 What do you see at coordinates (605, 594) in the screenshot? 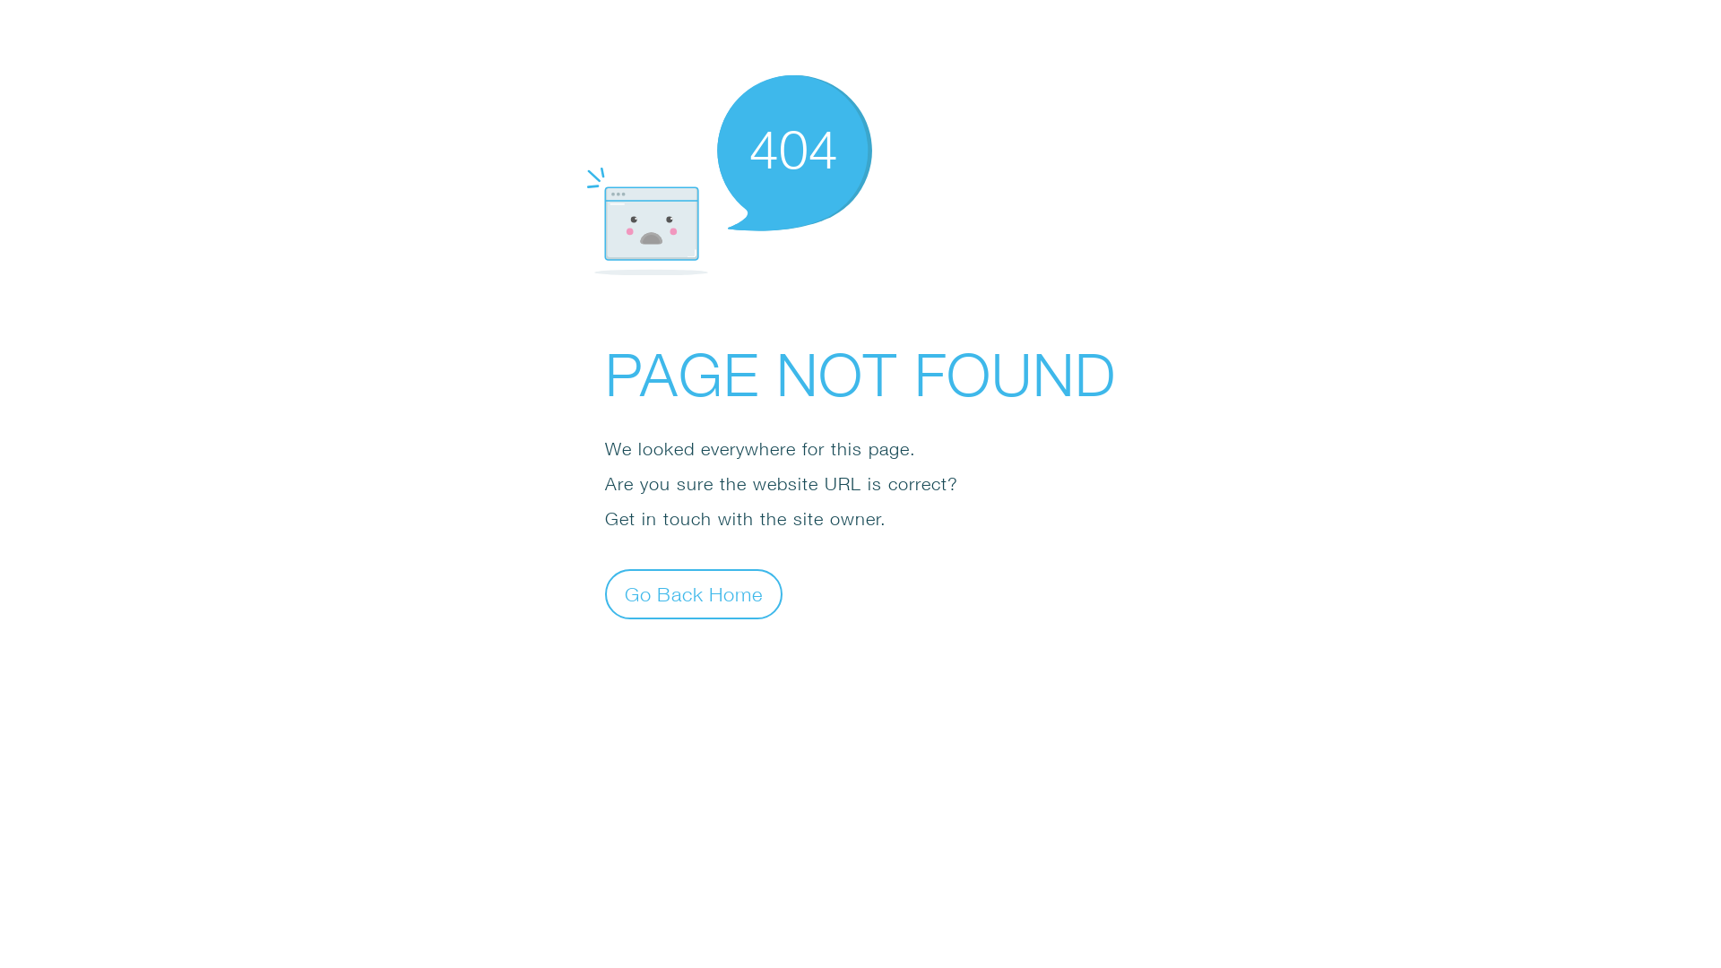
I see `'Go Back Home'` at bounding box center [605, 594].